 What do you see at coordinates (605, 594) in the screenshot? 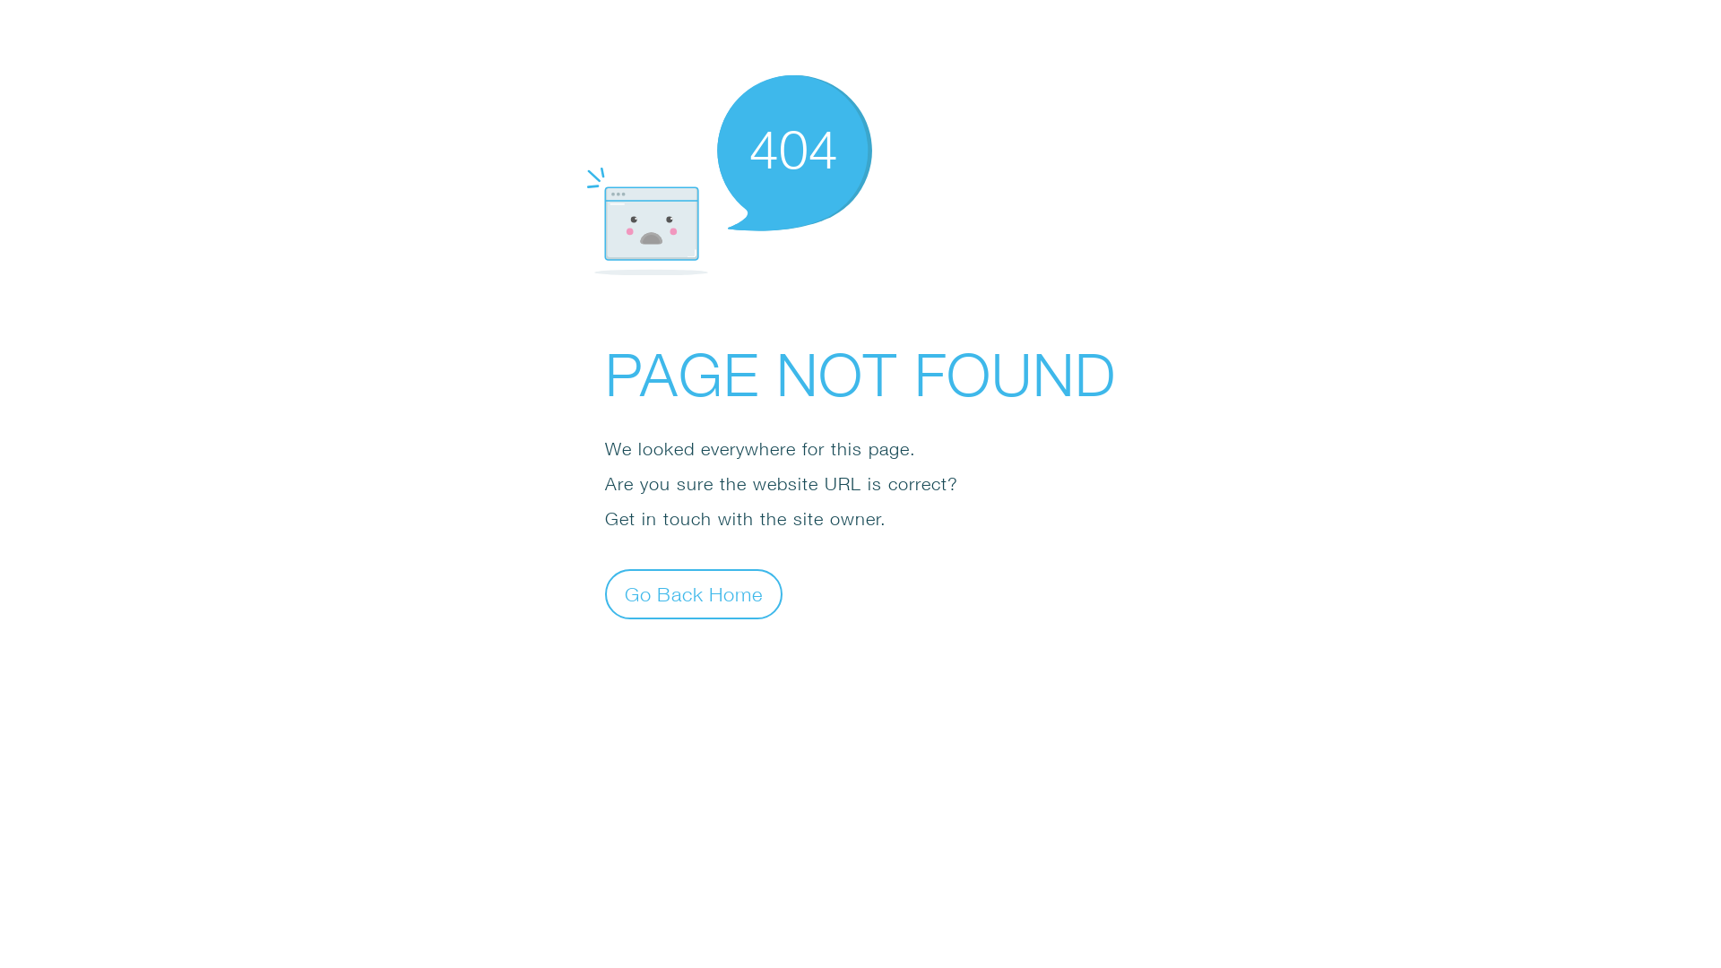
I see `'Go Back Home'` at bounding box center [605, 594].